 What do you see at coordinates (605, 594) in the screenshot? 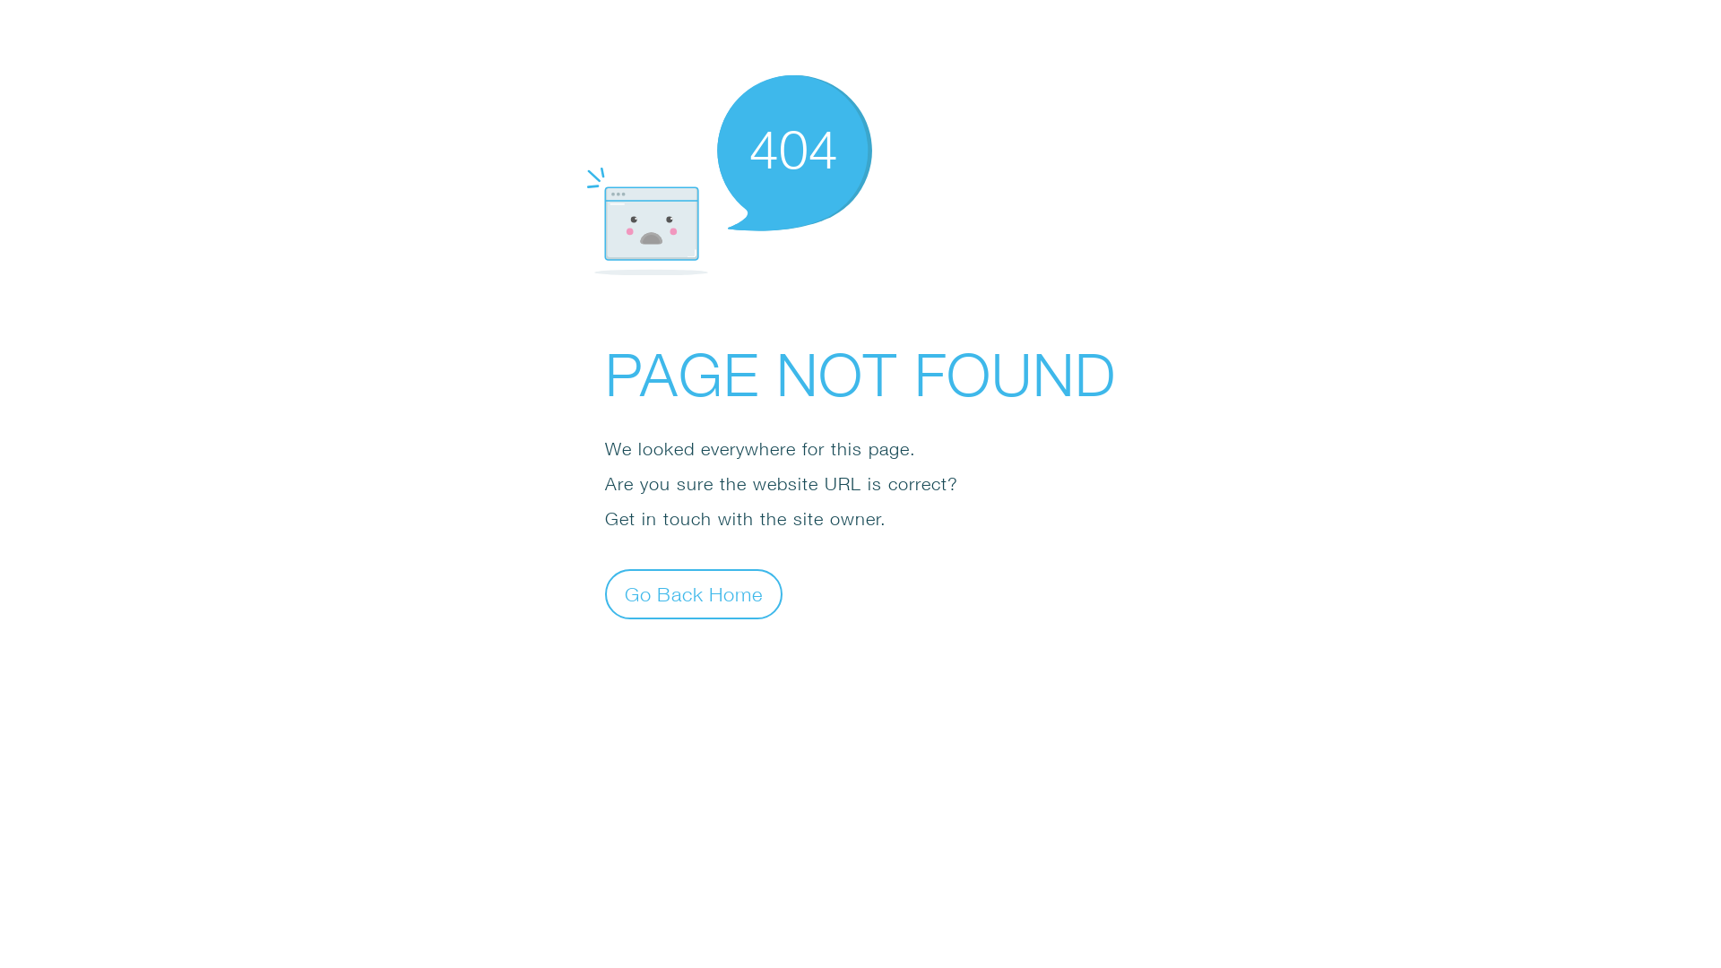
I see `'Go Back Home'` at bounding box center [605, 594].